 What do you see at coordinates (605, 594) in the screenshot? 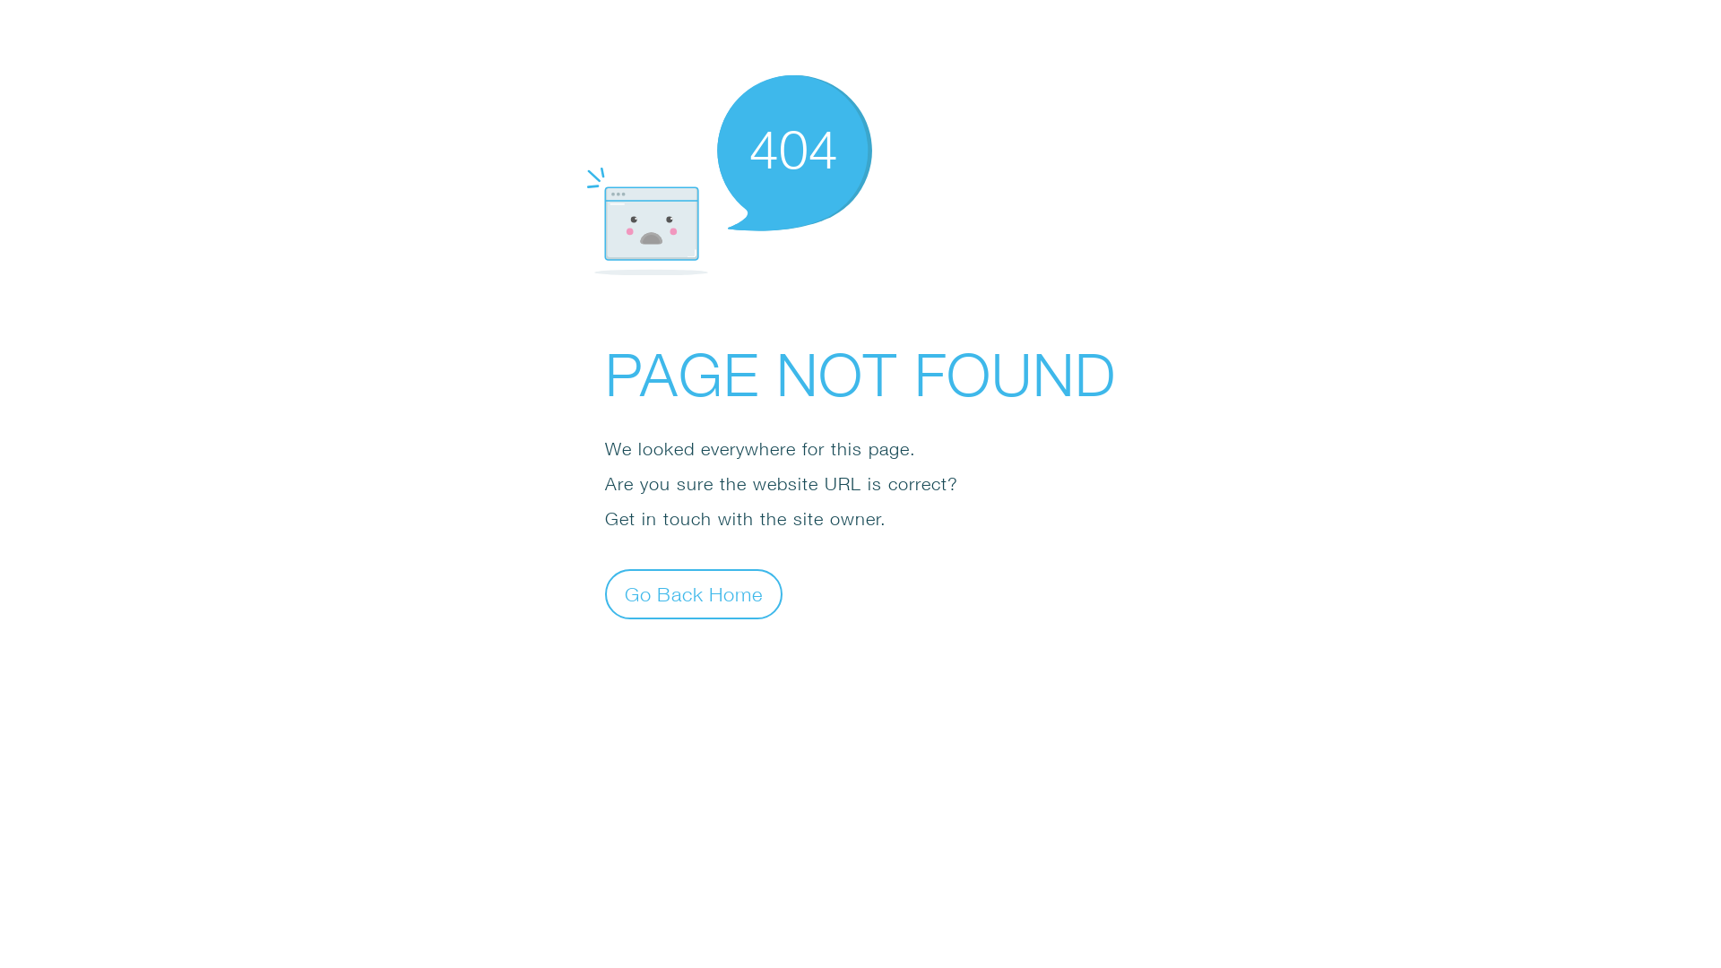
I see `'Go Back Home'` at bounding box center [605, 594].